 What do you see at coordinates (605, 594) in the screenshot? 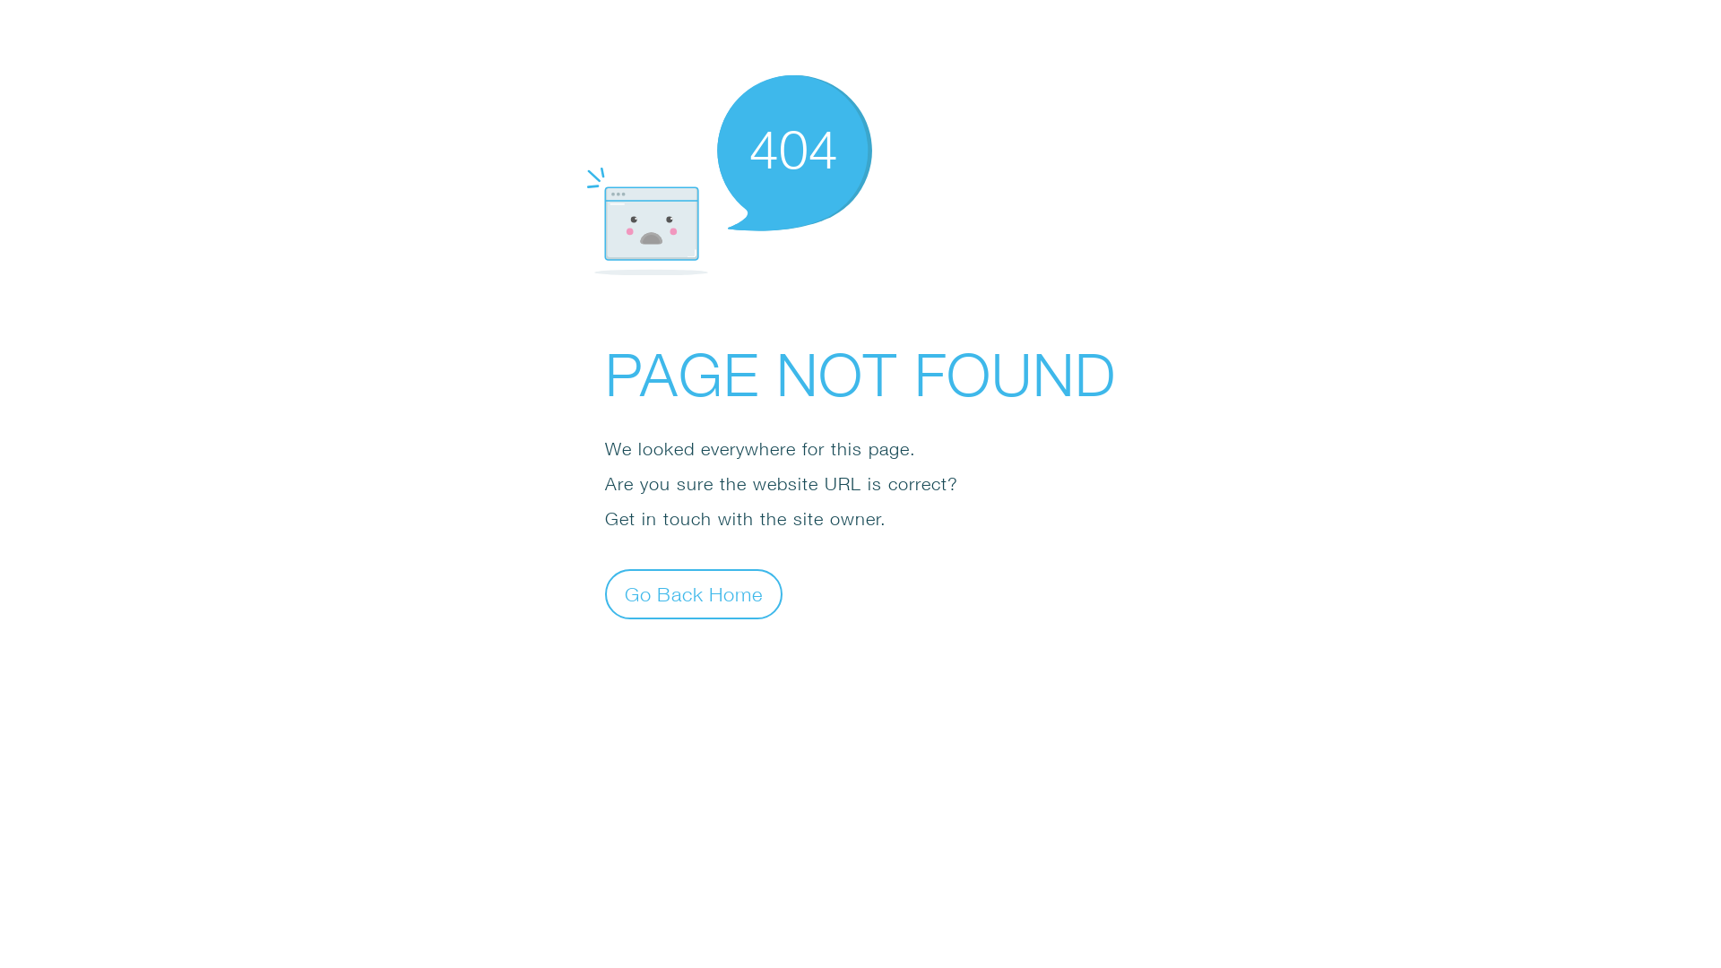
I see `'Go Back Home'` at bounding box center [605, 594].